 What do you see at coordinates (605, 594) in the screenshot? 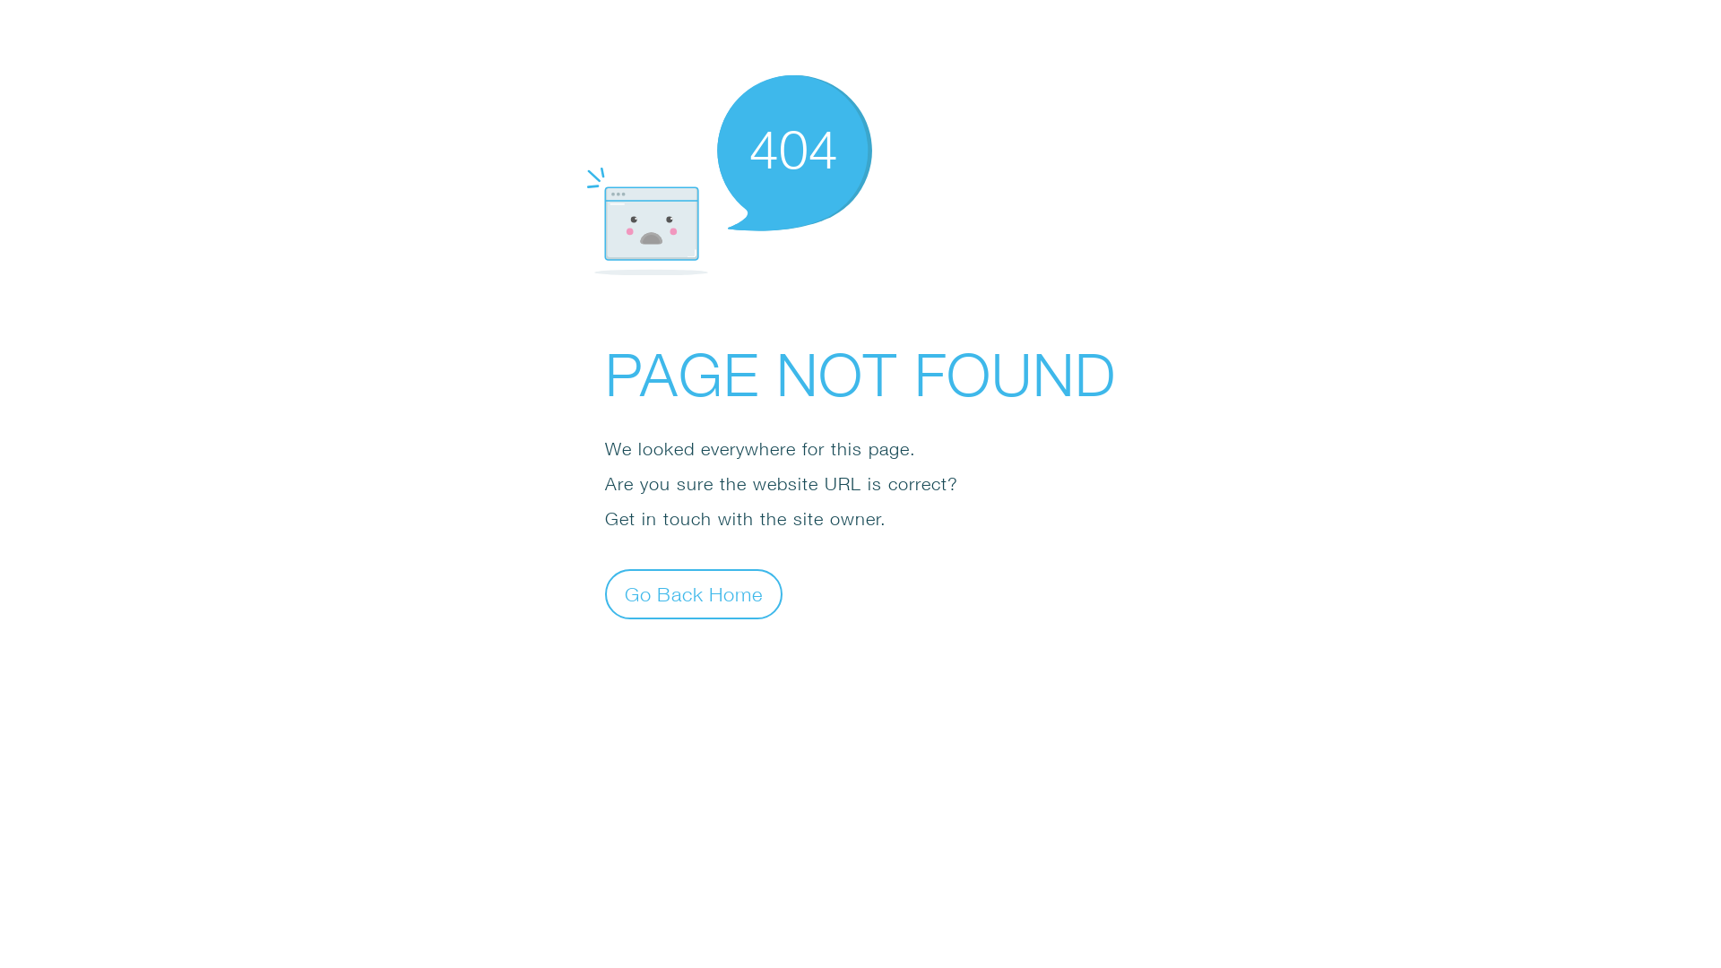
I see `'Go Back Home'` at bounding box center [605, 594].